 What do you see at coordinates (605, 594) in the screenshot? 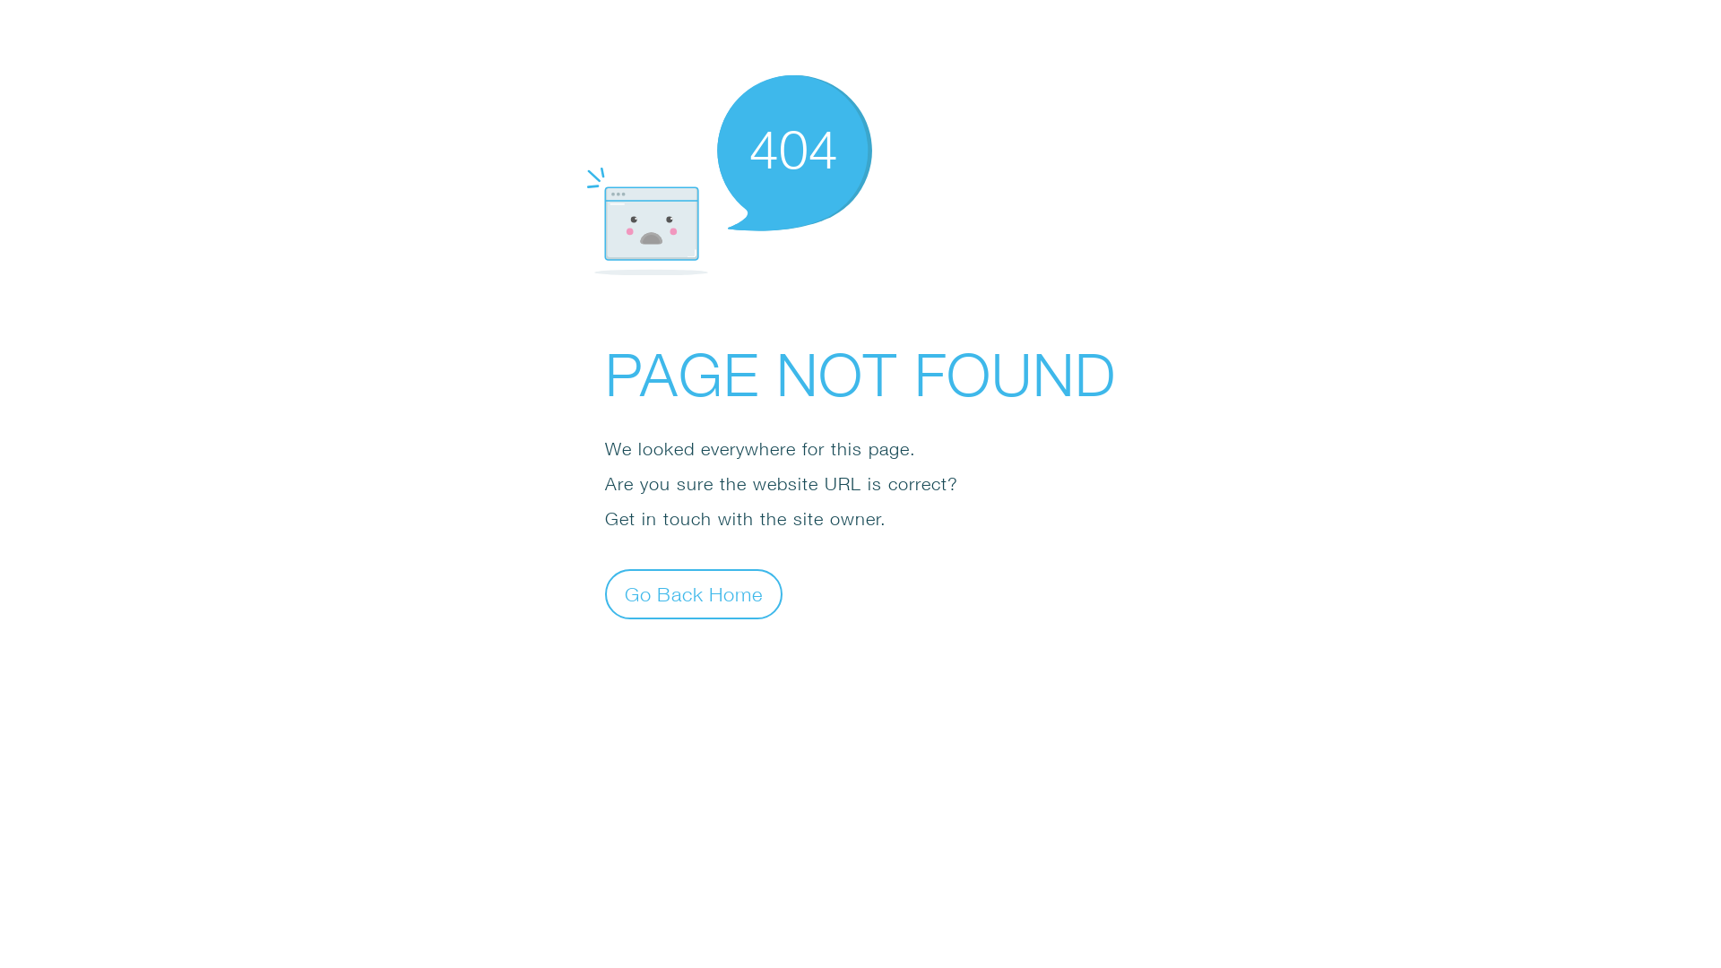
I see `'Go Back Home'` at bounding box center [605, 594].